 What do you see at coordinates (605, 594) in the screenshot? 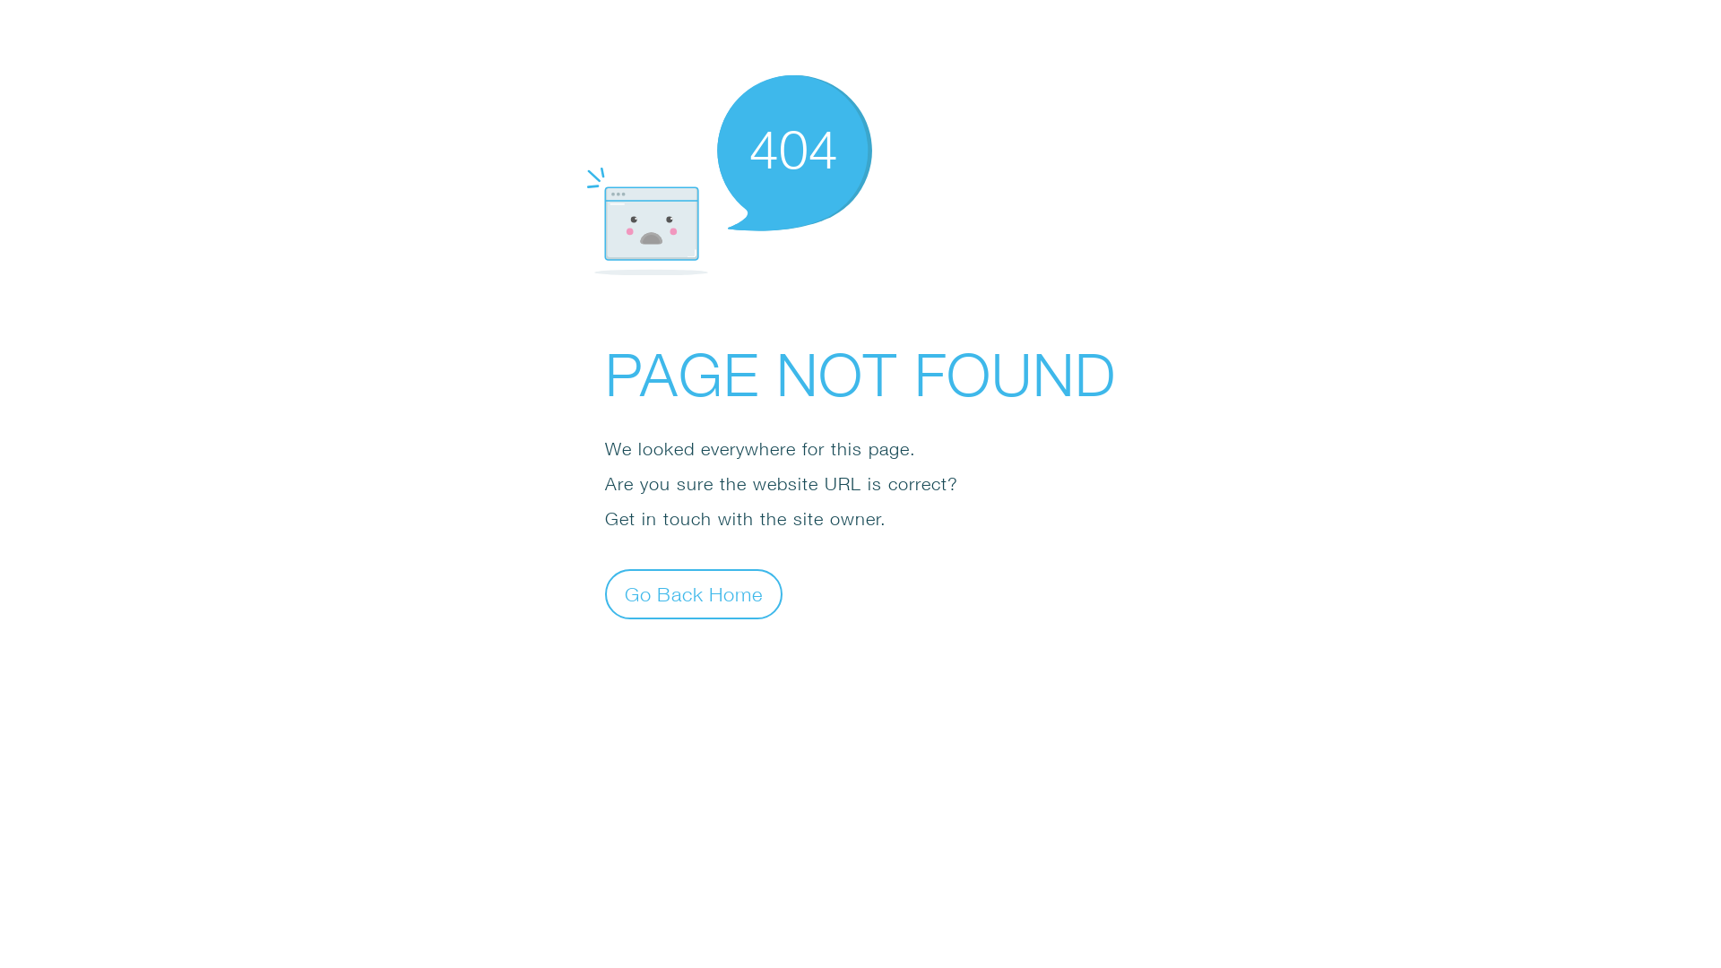
I see `'Go Back Home'` at bounding box center [605, 594].